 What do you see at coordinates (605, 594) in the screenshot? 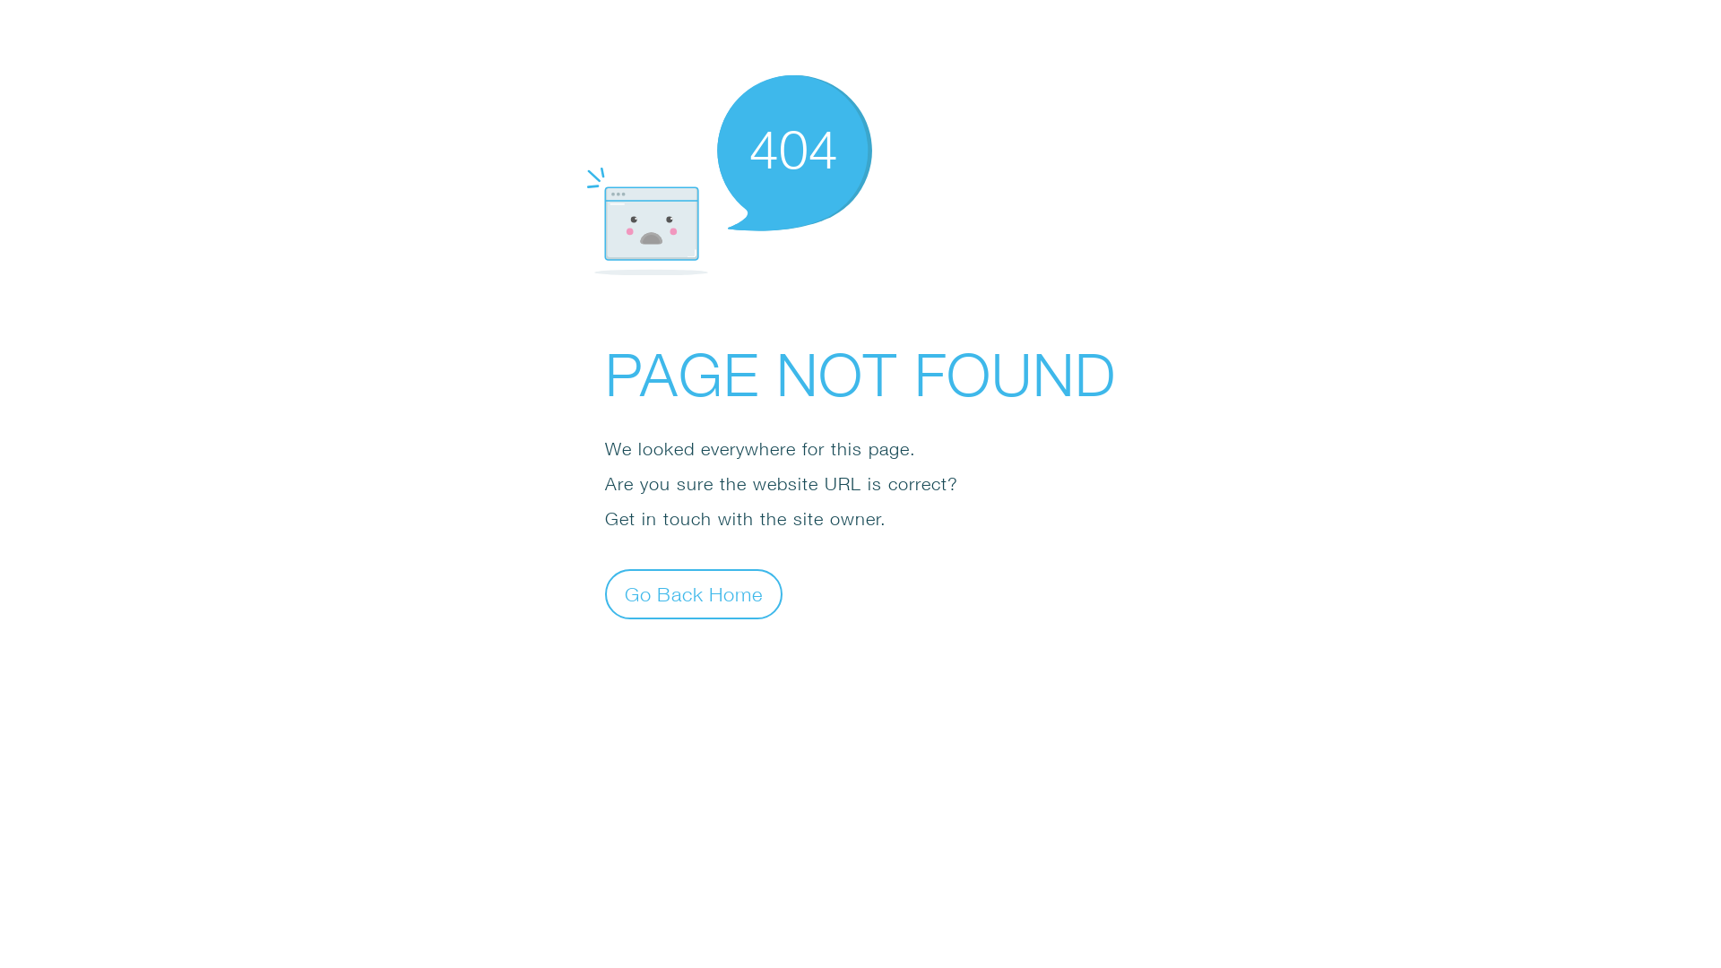
I see `'Go Back Home'` at bounding box center [605, 594].